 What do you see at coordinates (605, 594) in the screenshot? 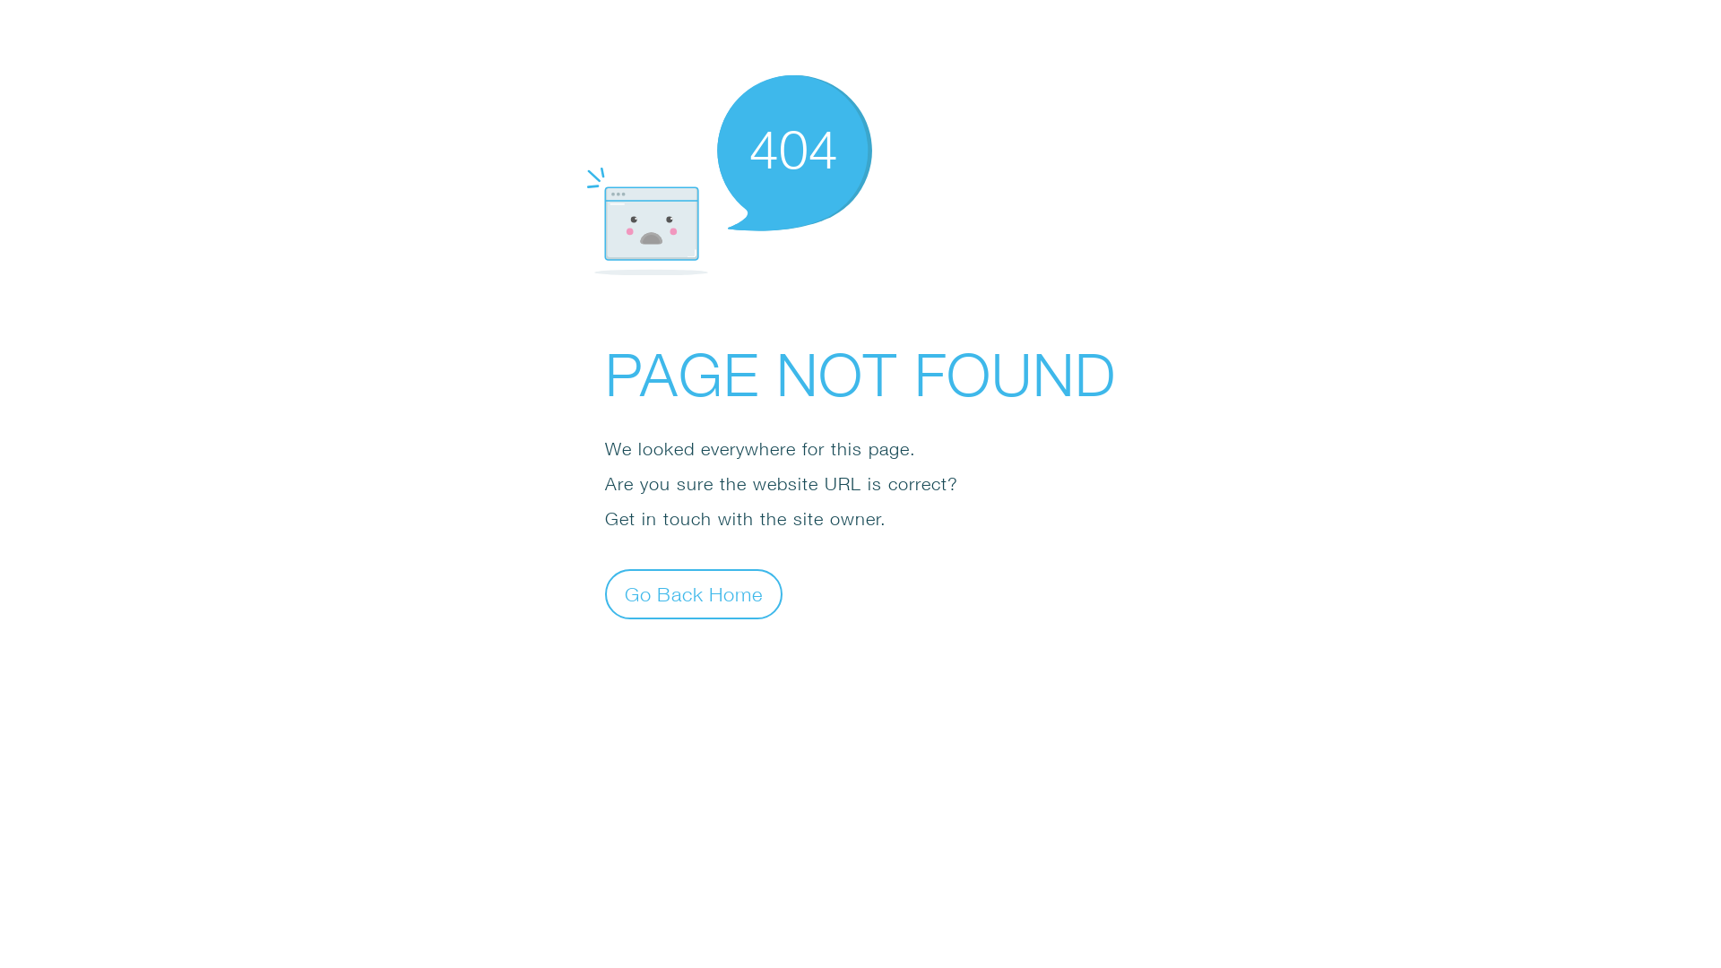
I see `'Go Back Home'` at bounding box center [605, 594].